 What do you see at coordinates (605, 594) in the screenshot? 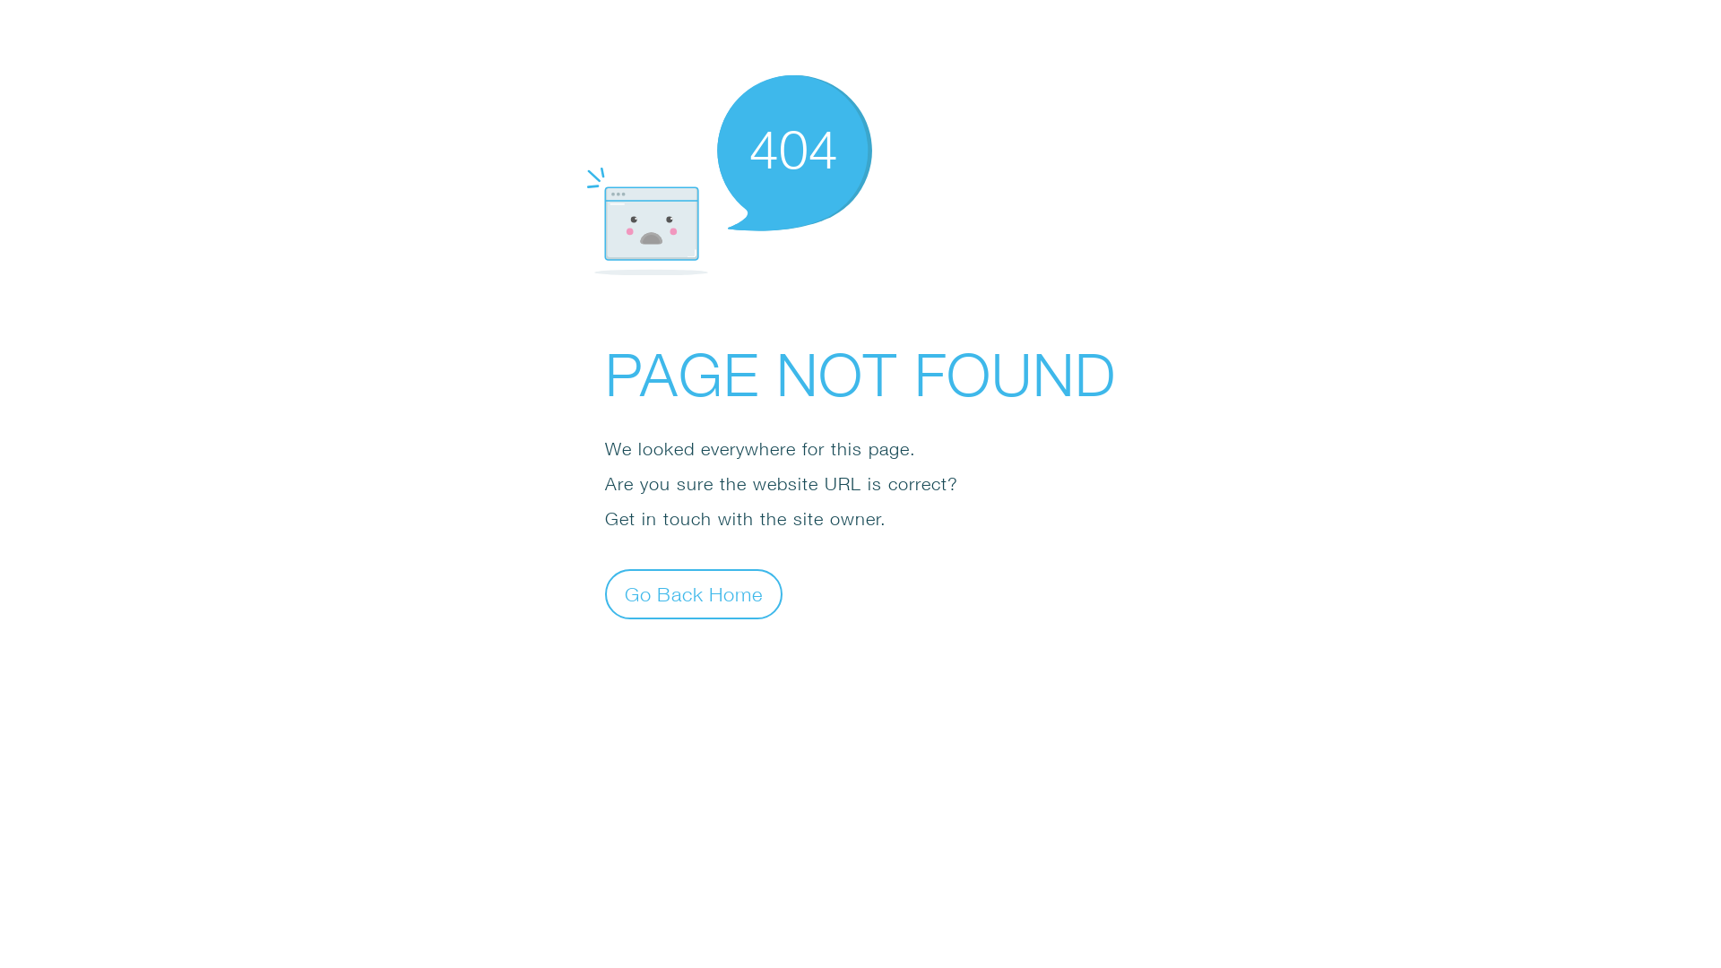
I see `'Go Back Home'` at bounding box center [605, 594].